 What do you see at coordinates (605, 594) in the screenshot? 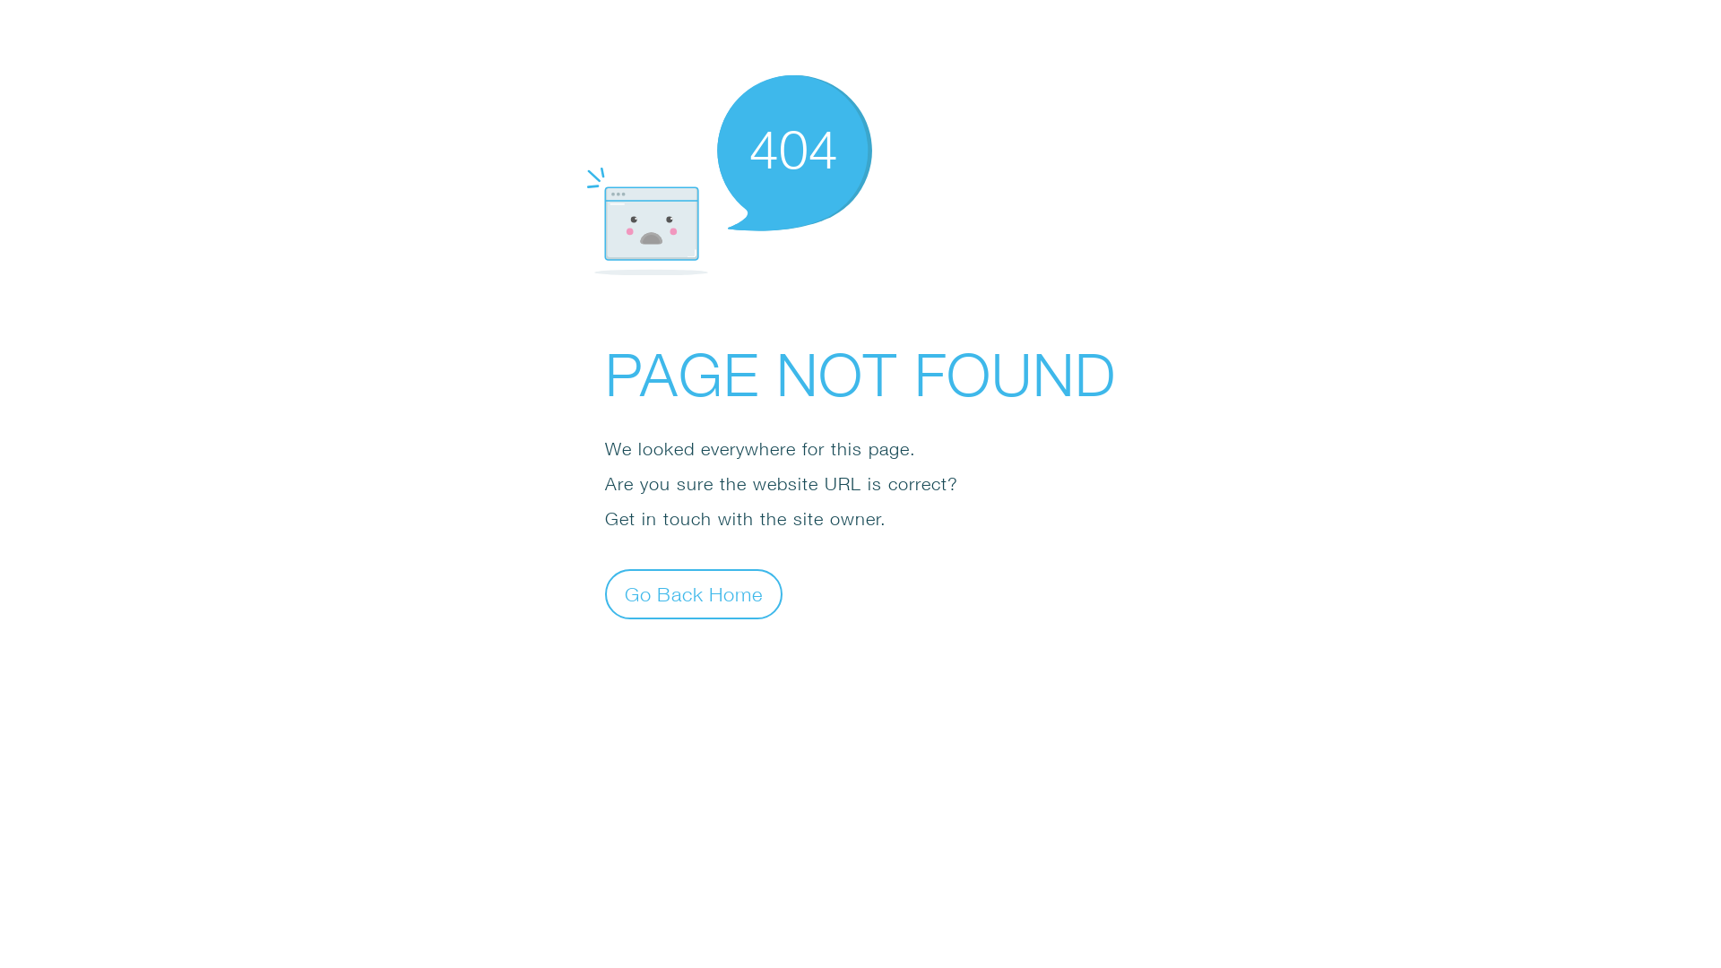
I see `'Go Back Home'` at bounding box center [605, 594].